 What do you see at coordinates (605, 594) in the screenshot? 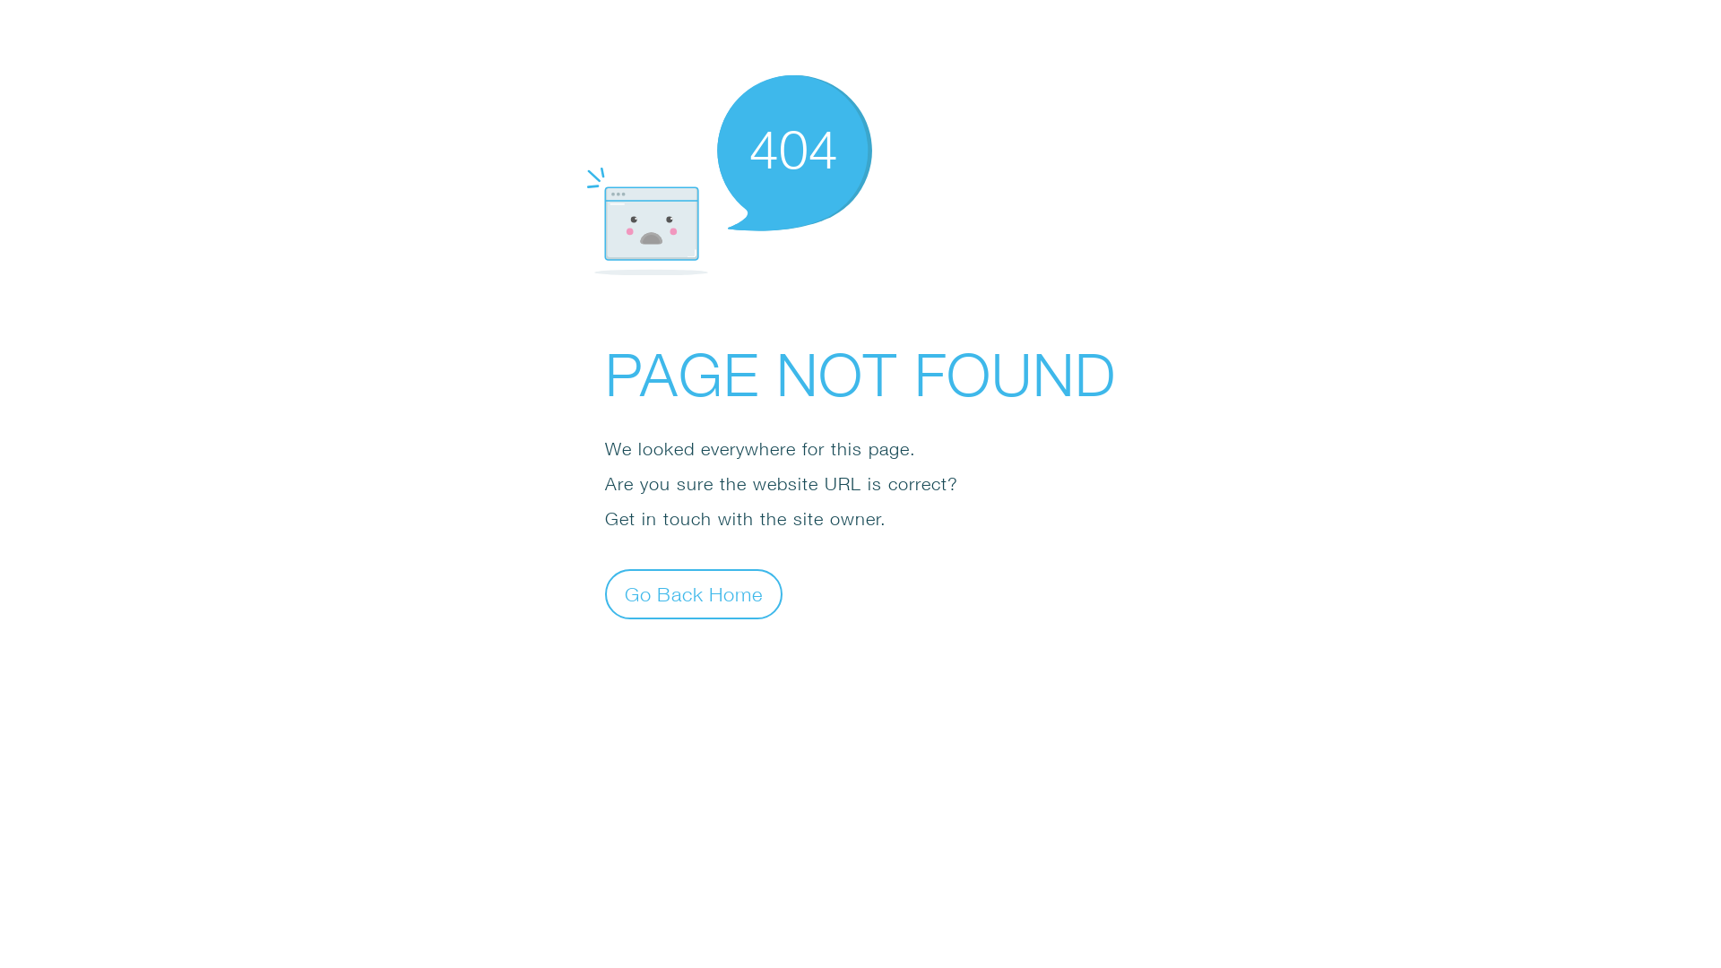
I see `'Go Back Home'` at bounding box center [605, 594].